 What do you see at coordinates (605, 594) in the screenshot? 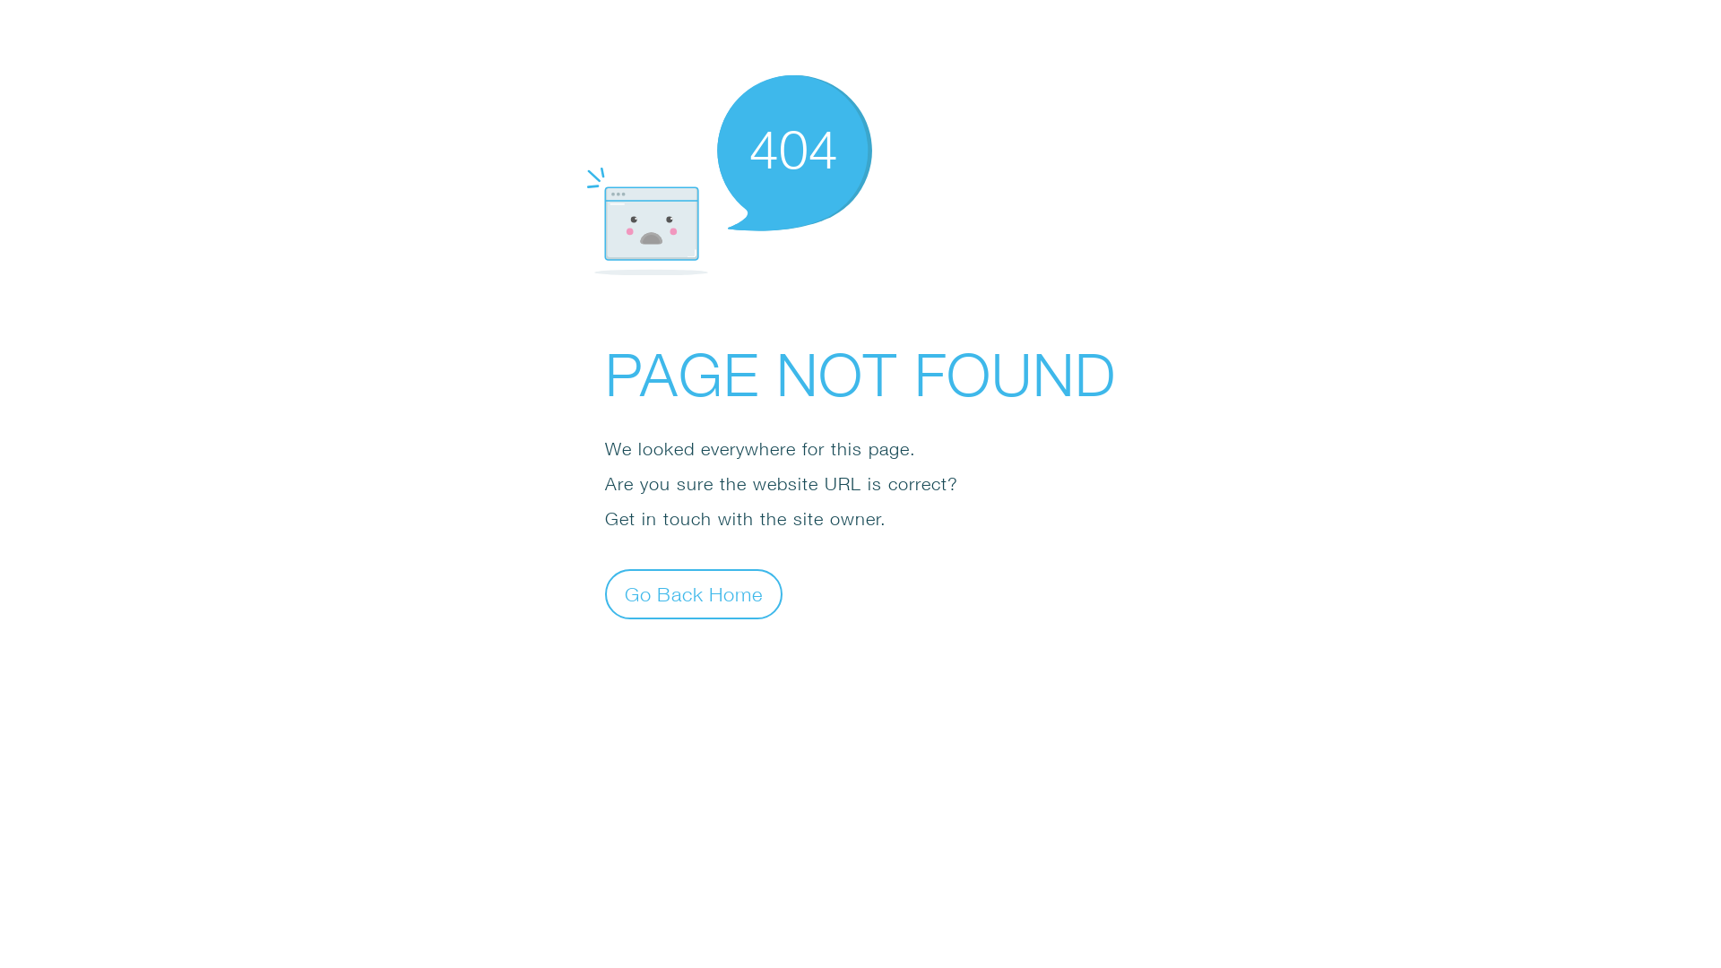
I see `'Go Back Home'` at bounding box center [605, 594].